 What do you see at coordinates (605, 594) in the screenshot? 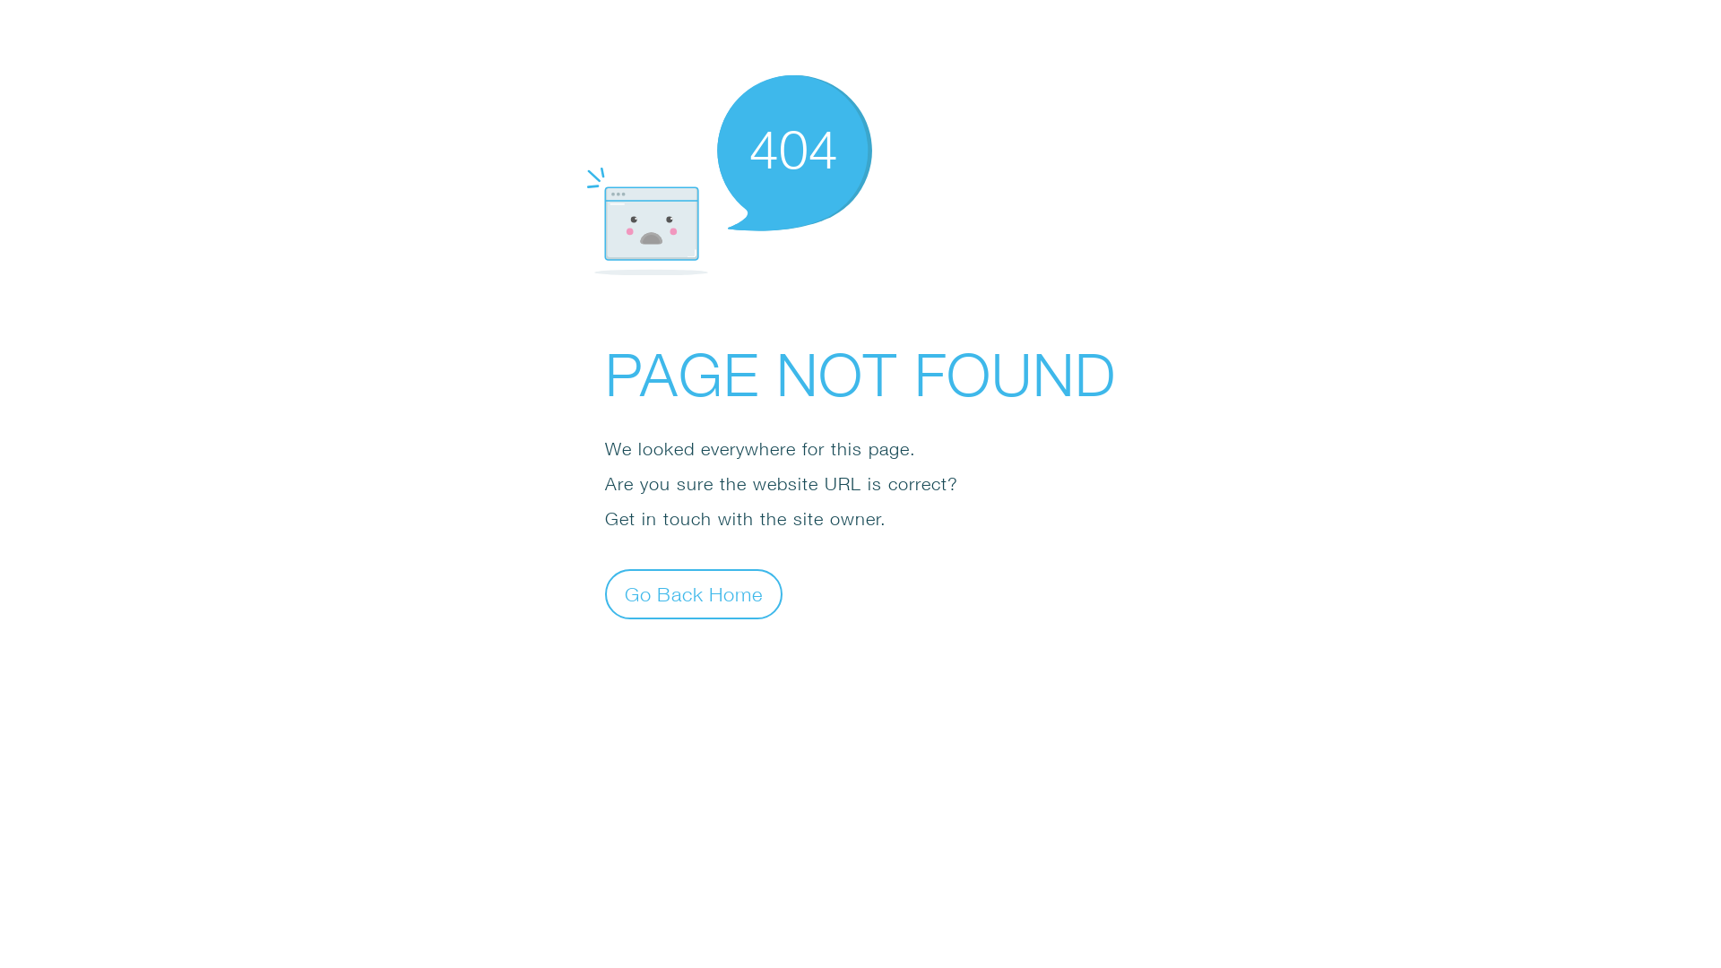
I see `'Go Back Home'` at bounding box center [605, 594].